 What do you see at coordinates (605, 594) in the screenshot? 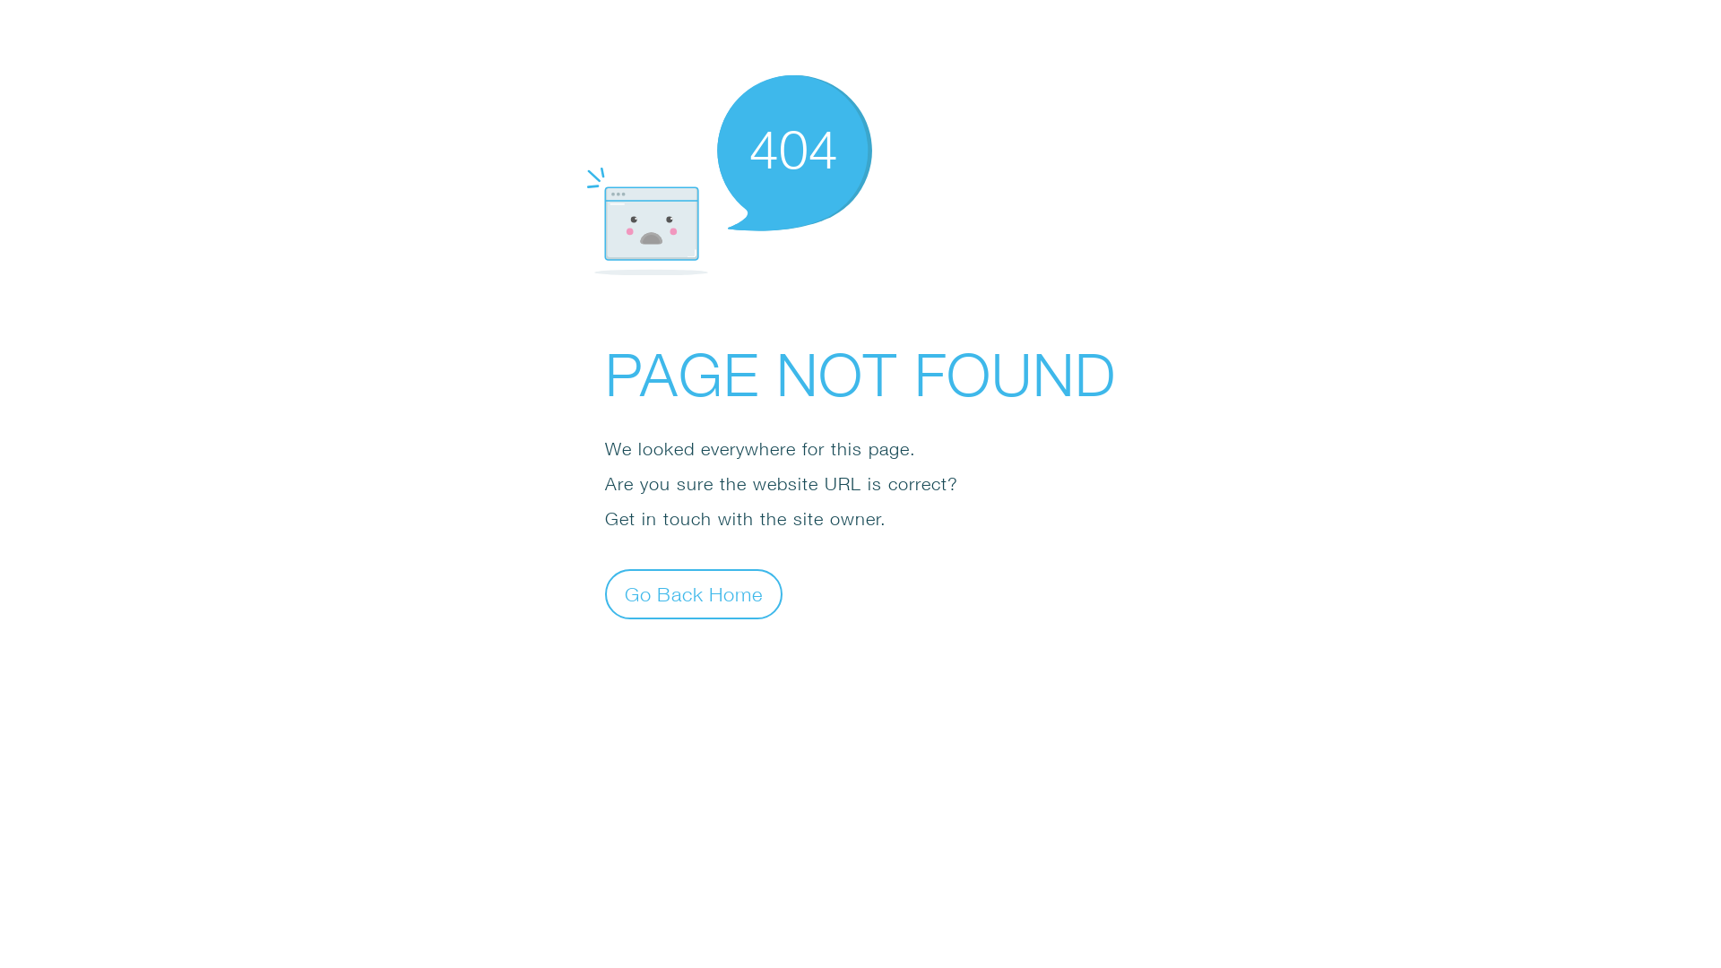
I see `'Go Back Home'` at bounding box center [605, 594].